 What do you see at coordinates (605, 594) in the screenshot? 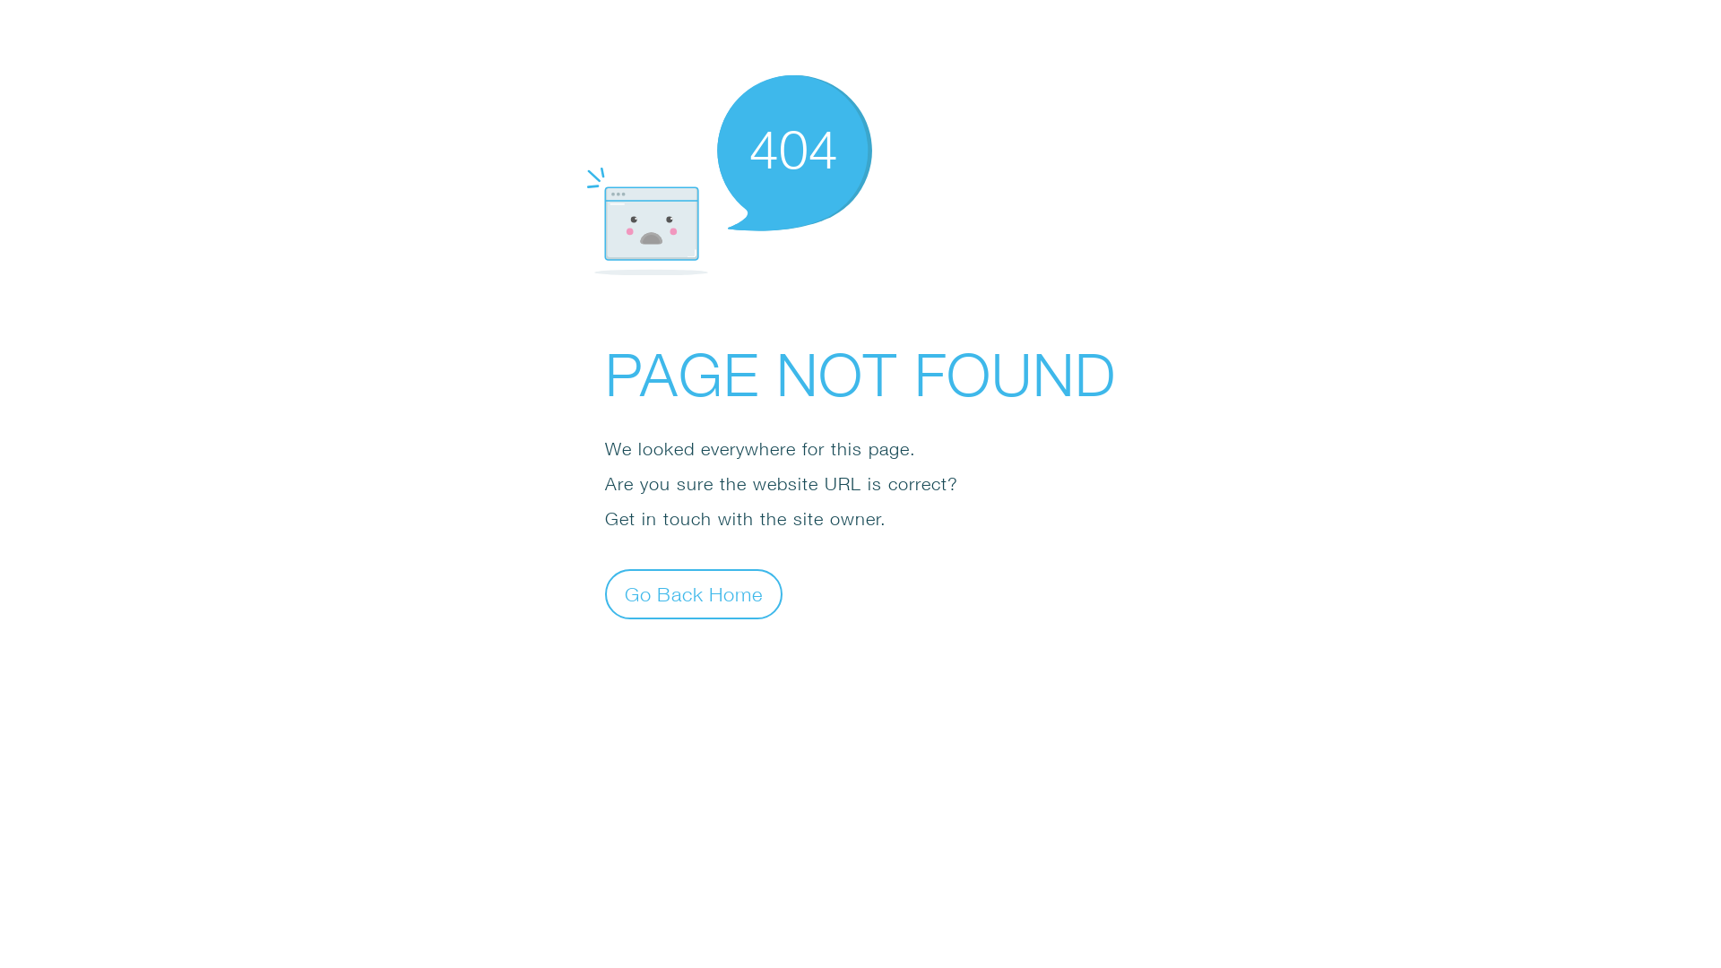
I see `'Go Back Home'` at bounding box center [605, 594].